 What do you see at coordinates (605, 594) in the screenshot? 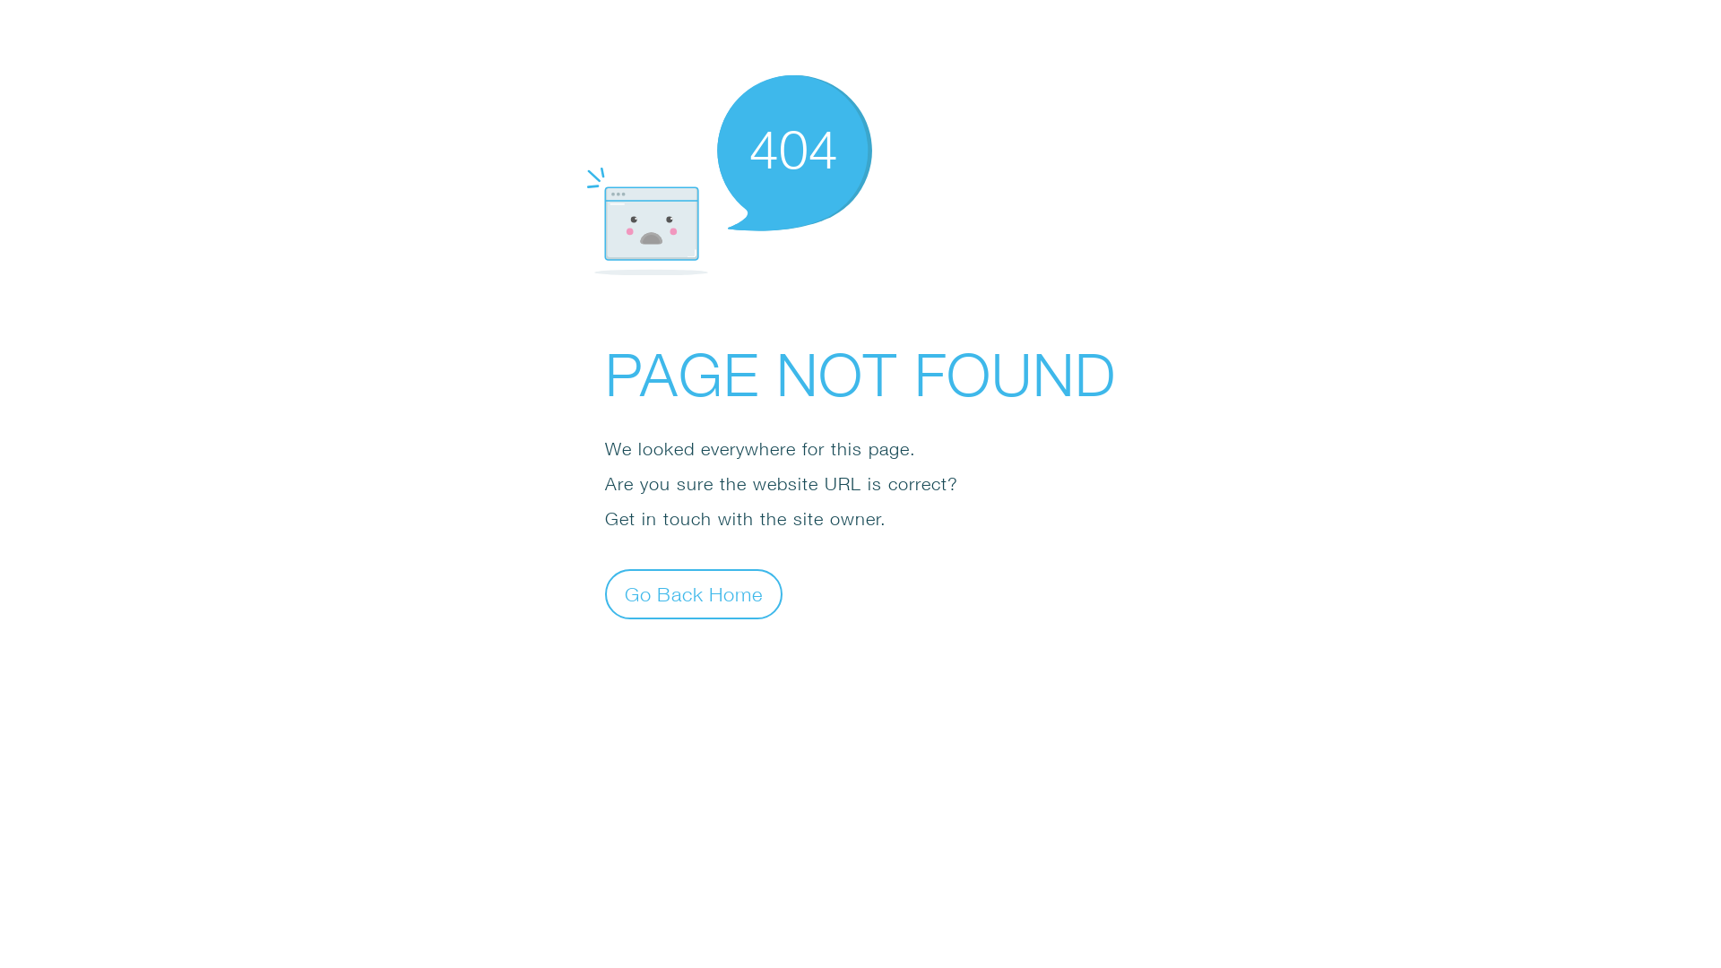
I see `'Go Back Home'` at bounding box center [605, 594].